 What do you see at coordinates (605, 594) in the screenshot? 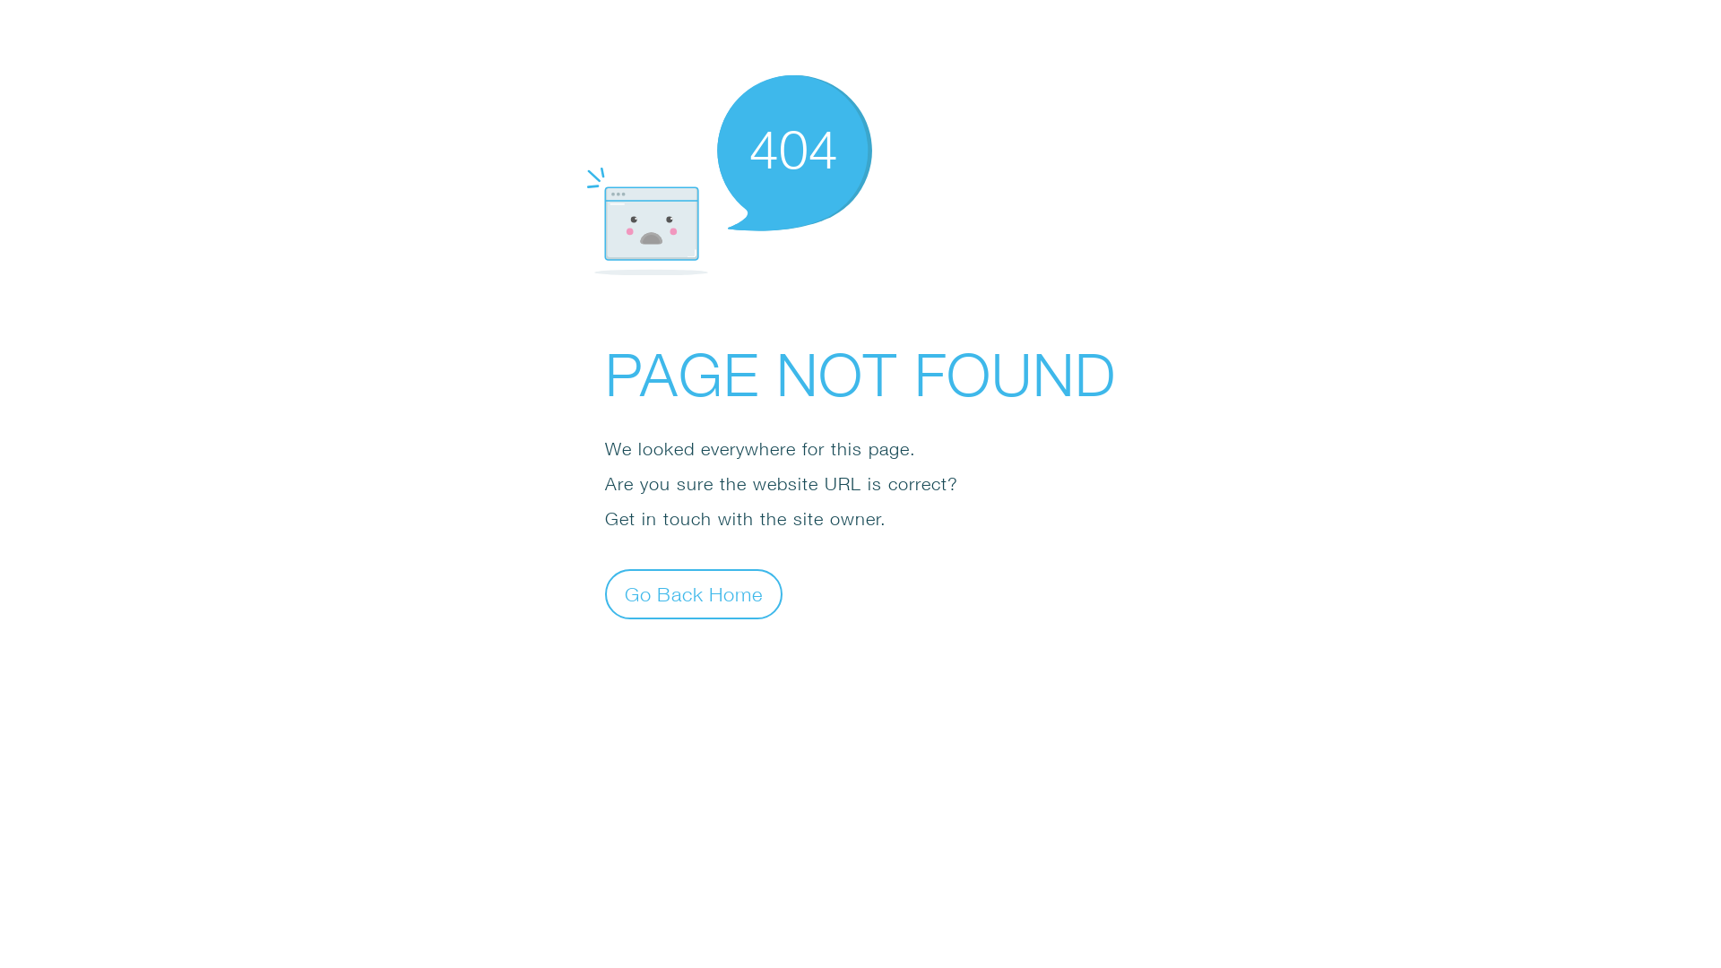
I see `'Go Back Home'` at bounding box center [605, 594].